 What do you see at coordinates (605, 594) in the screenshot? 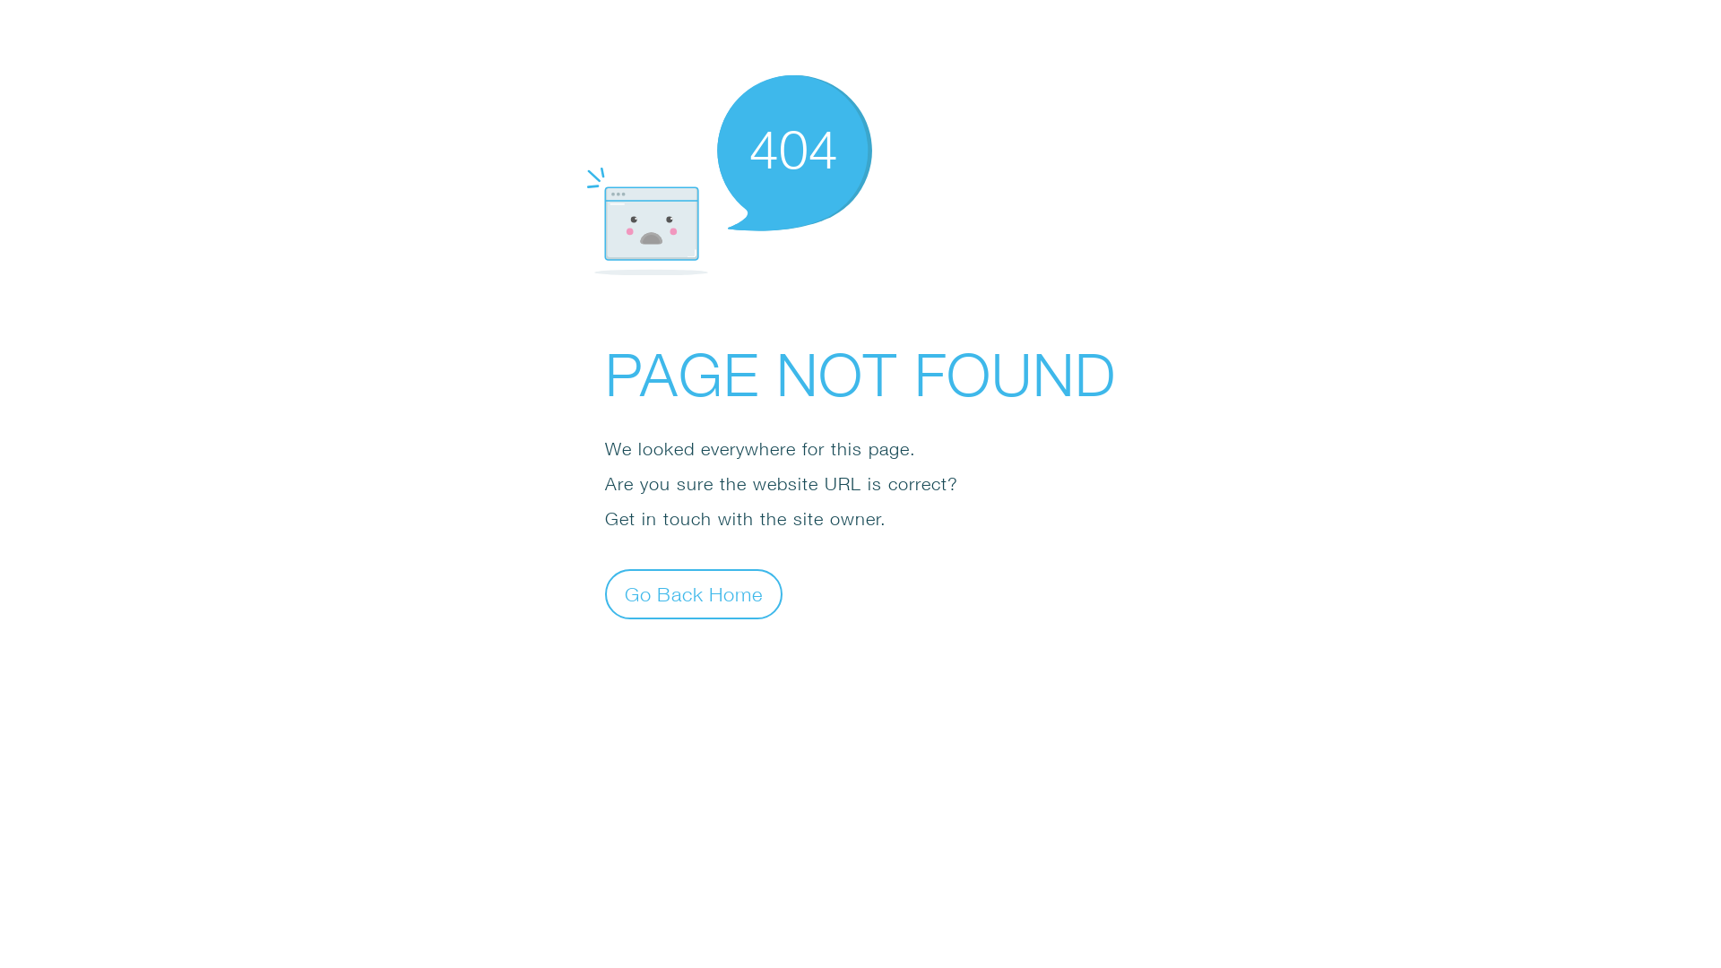
I see `'Go Back Home'` at bounding box center [605, 594].